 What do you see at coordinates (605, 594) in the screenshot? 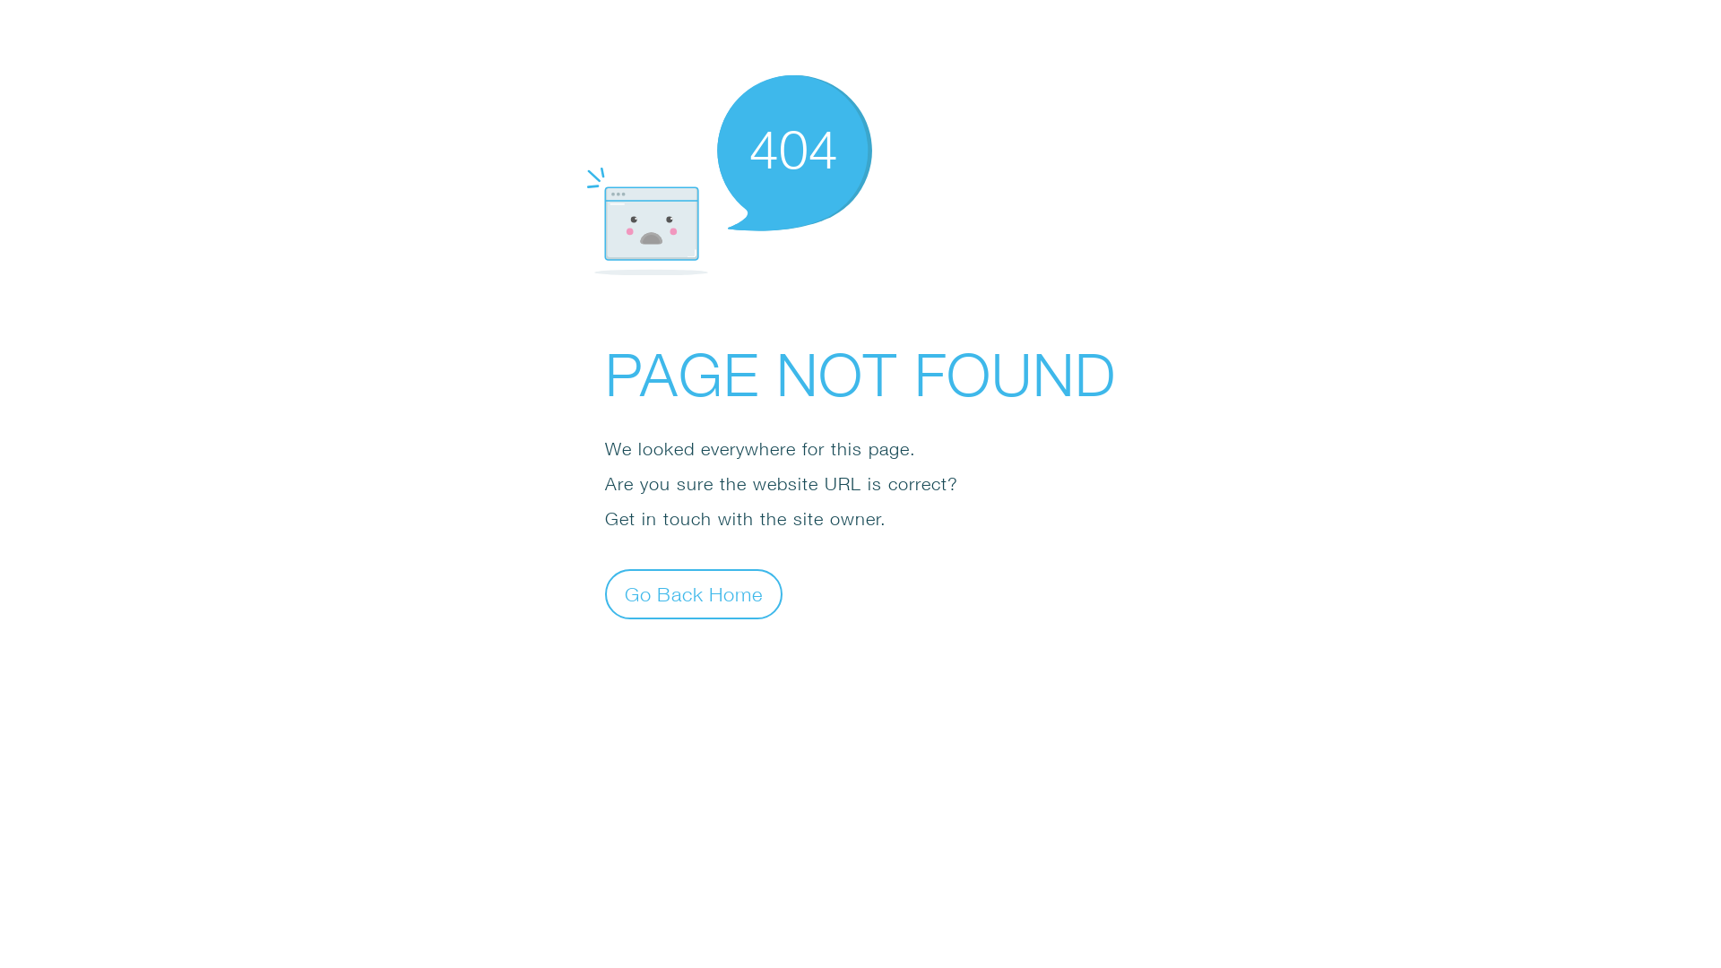
I see `'Go Back Home'` at bounding box center [605, 594].